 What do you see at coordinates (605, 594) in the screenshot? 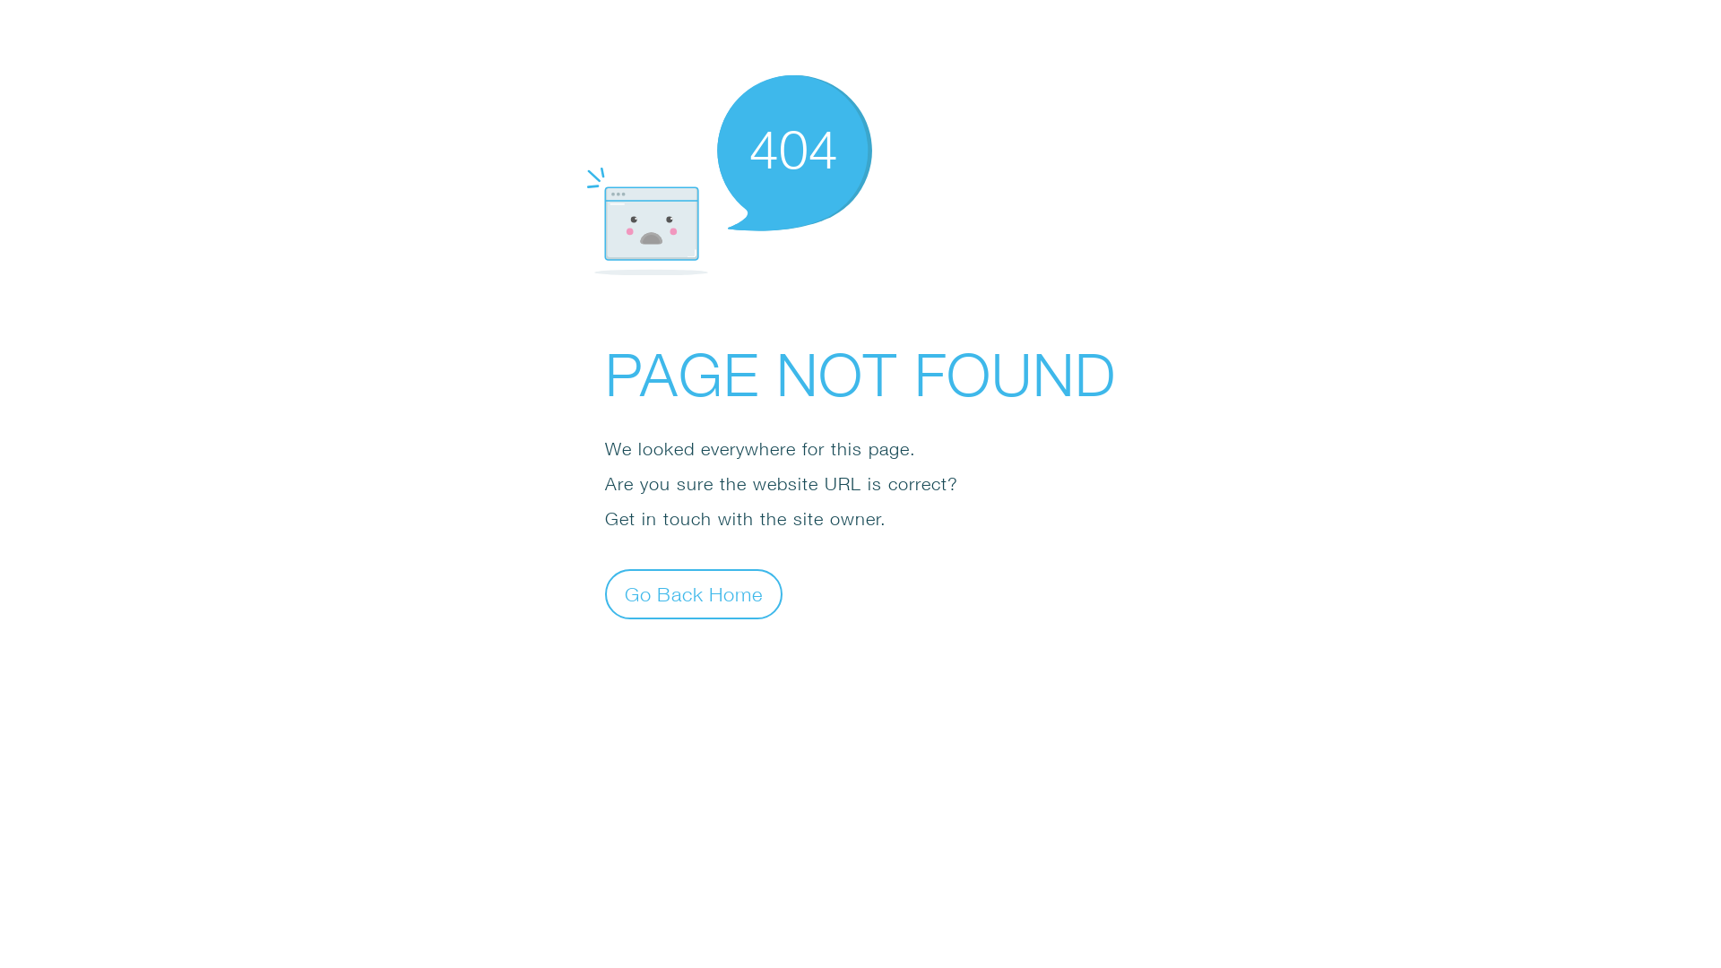
I see `'Go Back Home'` at bounding box center [605, 594].